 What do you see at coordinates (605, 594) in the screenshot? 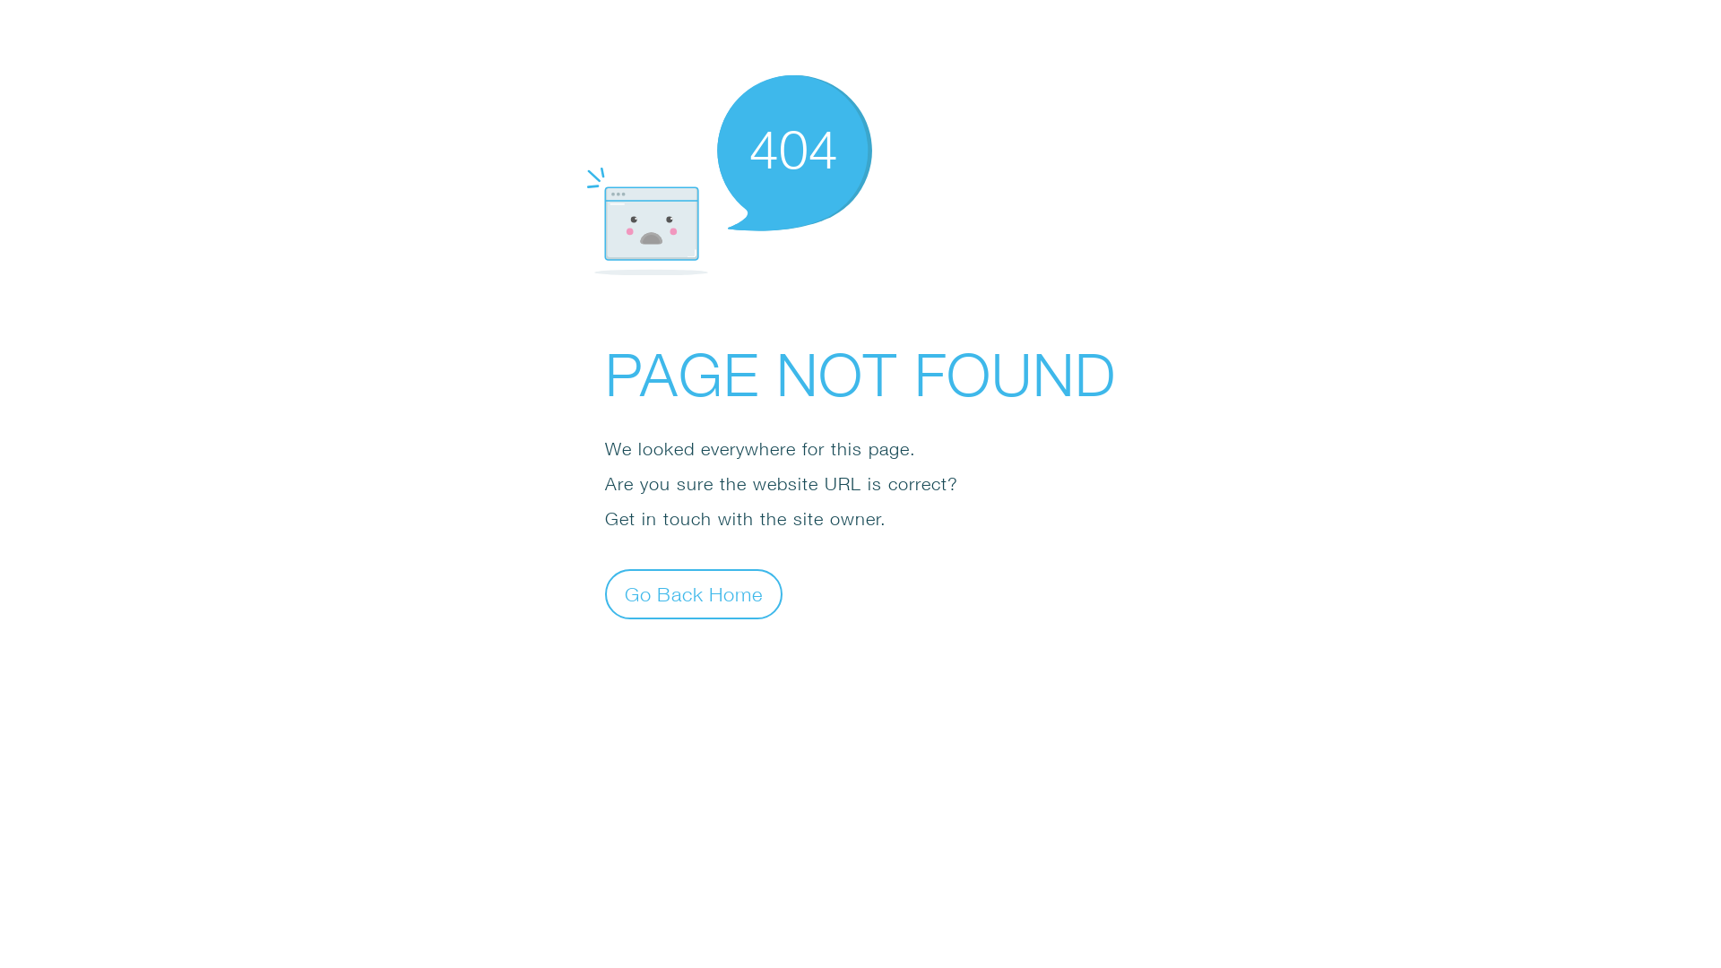
I see `'Go Back Home'` at bounding box center [605, 594].